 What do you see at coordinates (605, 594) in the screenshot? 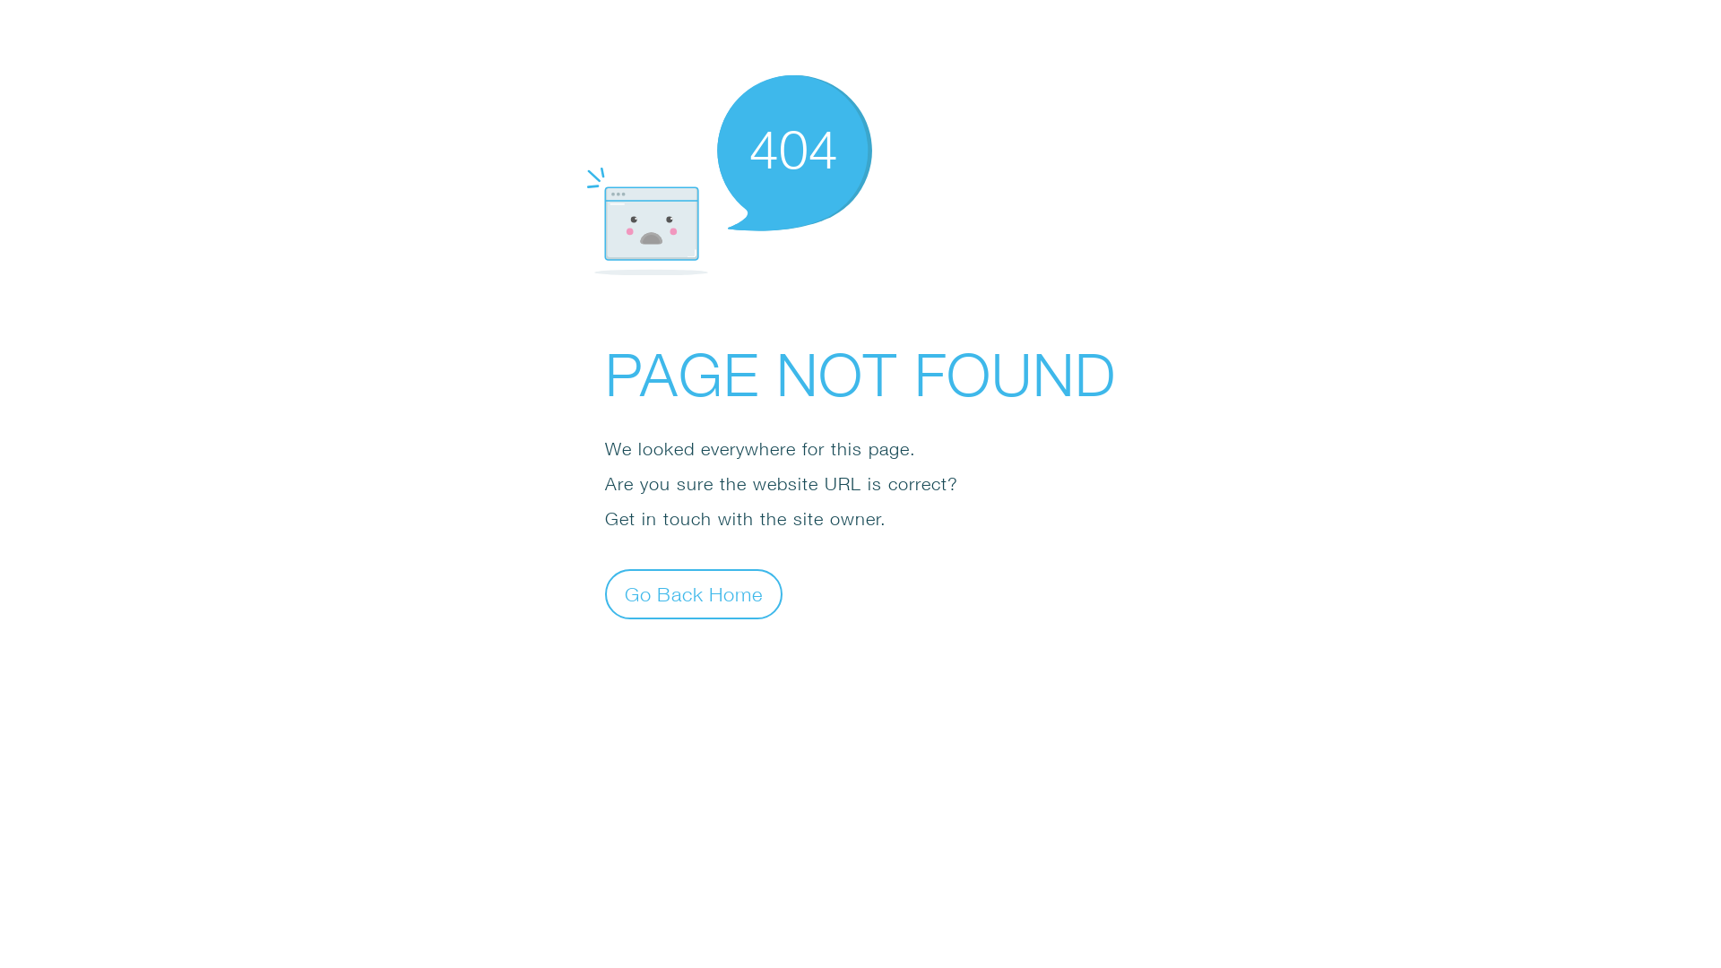
I see `'Go Back Home'` at bounding box center [605, 594].